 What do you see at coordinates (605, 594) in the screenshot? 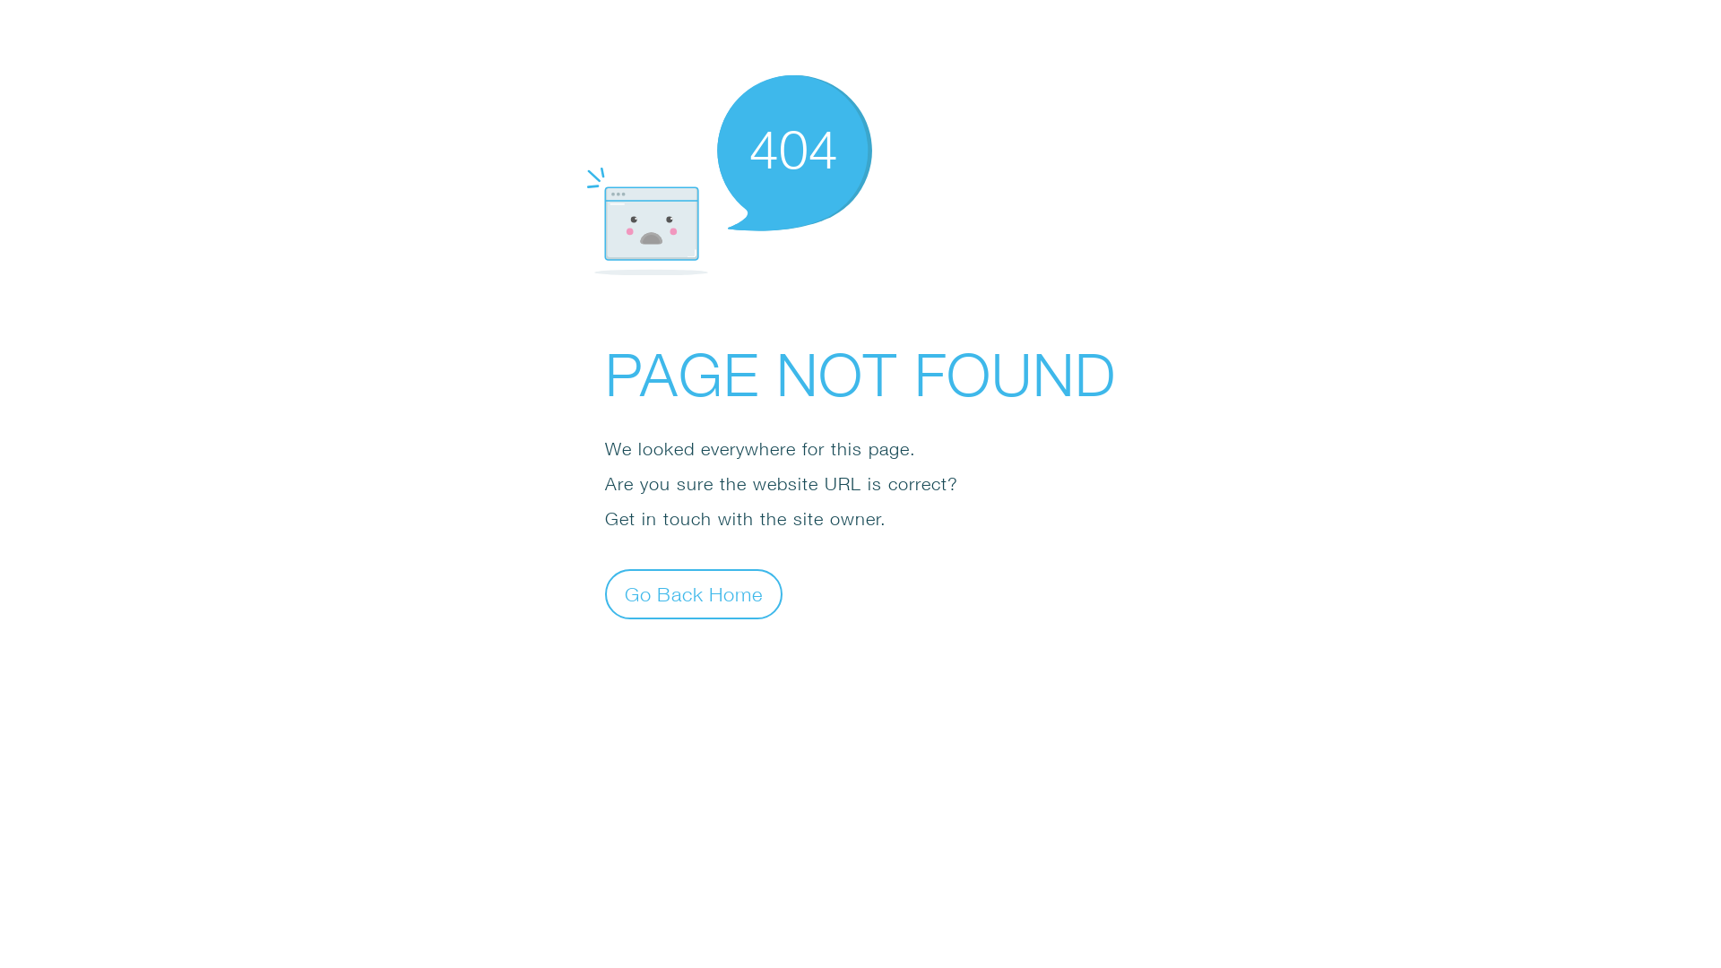
I see `'Go Back Home'` at bounding box center [605, 594].